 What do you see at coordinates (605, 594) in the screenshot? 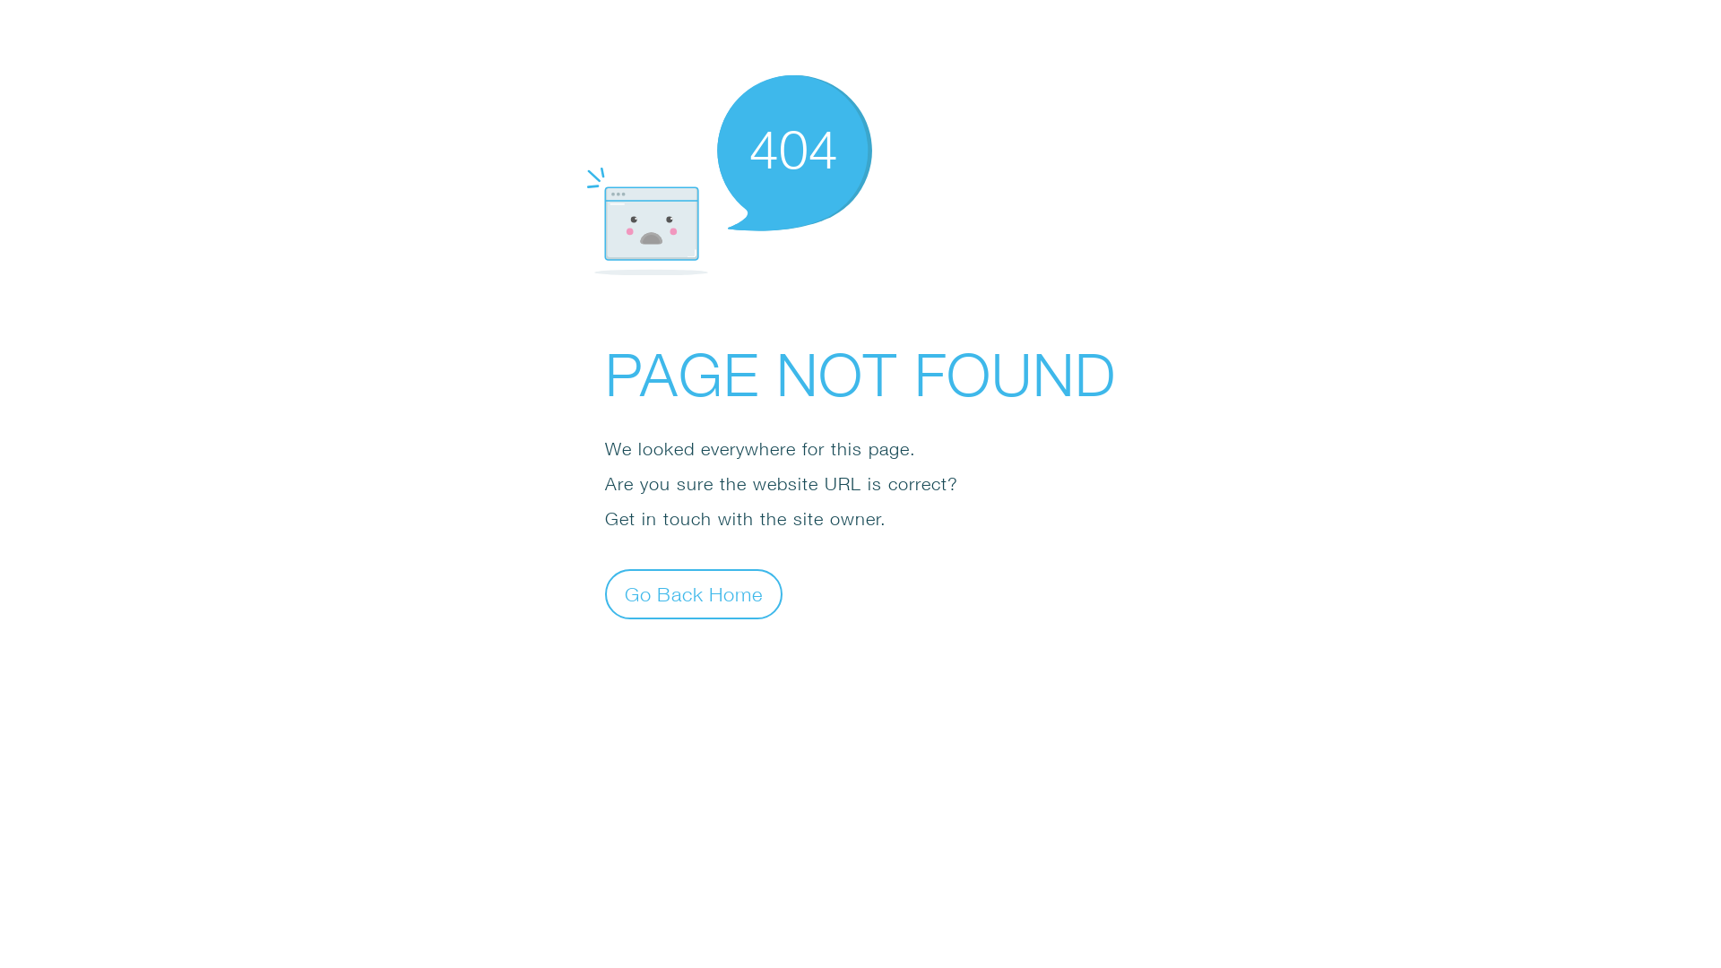
I see `'Go Back Home'` at bounding box center [605, 594].